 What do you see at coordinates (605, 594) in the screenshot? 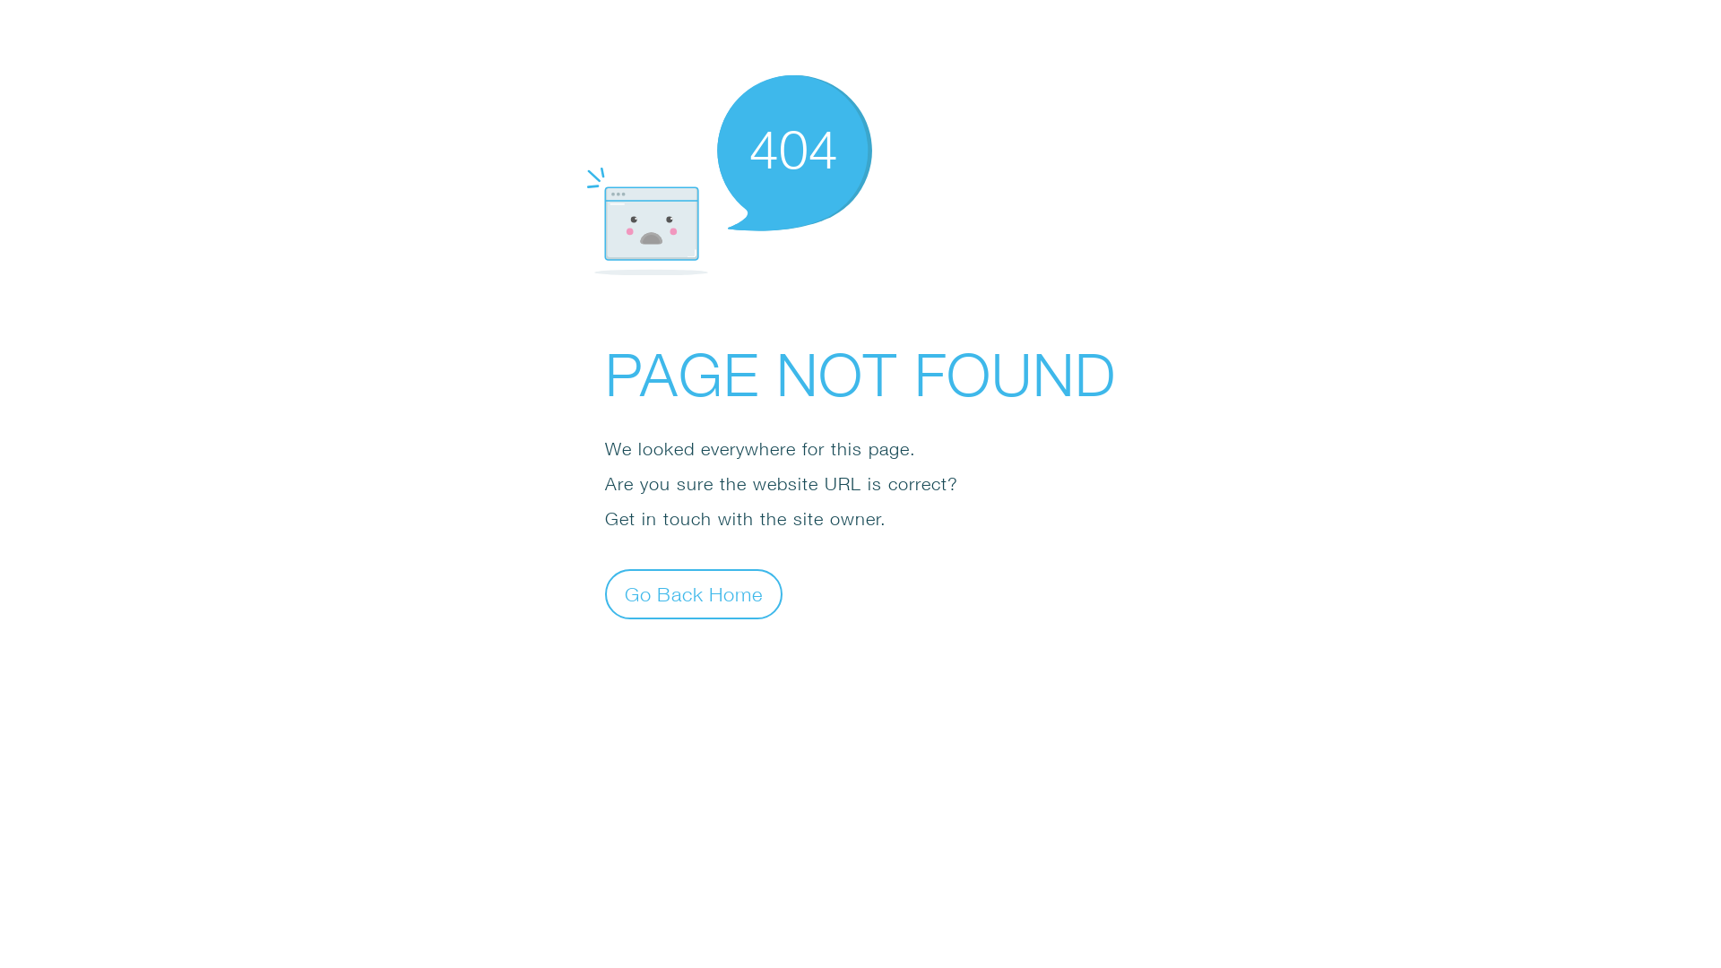
I see `'Go Back Home'` at bounding box center [605, 594].